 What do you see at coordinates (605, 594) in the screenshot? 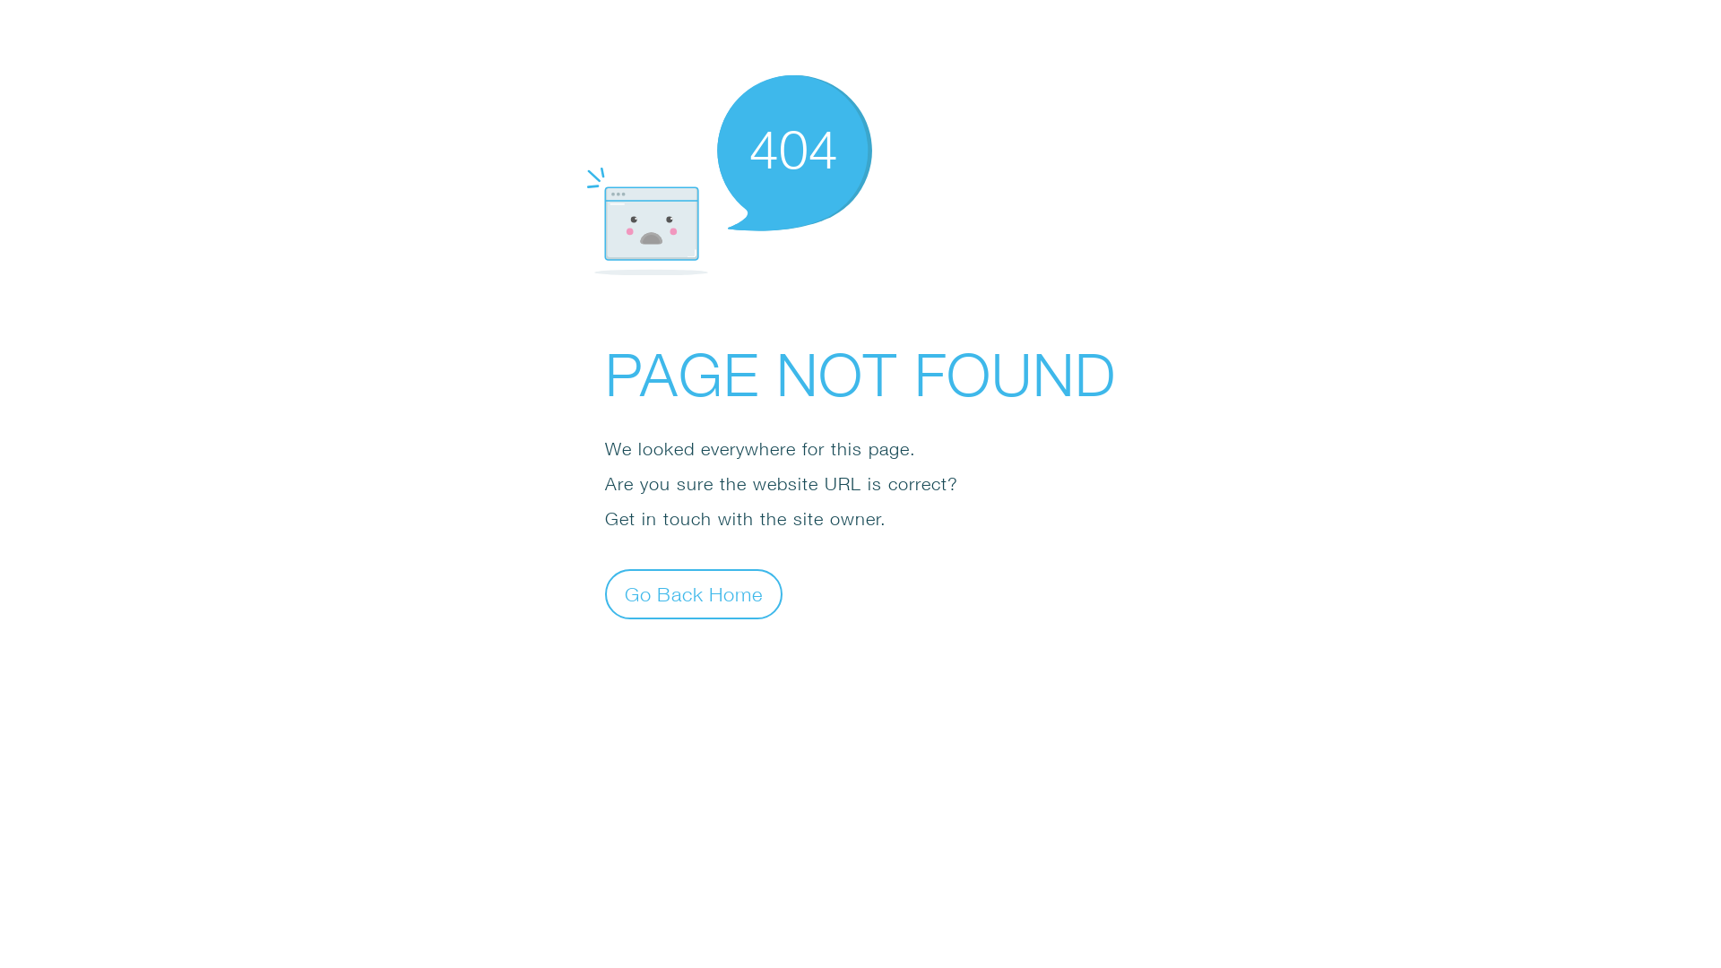
I see `'Go Back Home'` at bounding box center [605, 594].